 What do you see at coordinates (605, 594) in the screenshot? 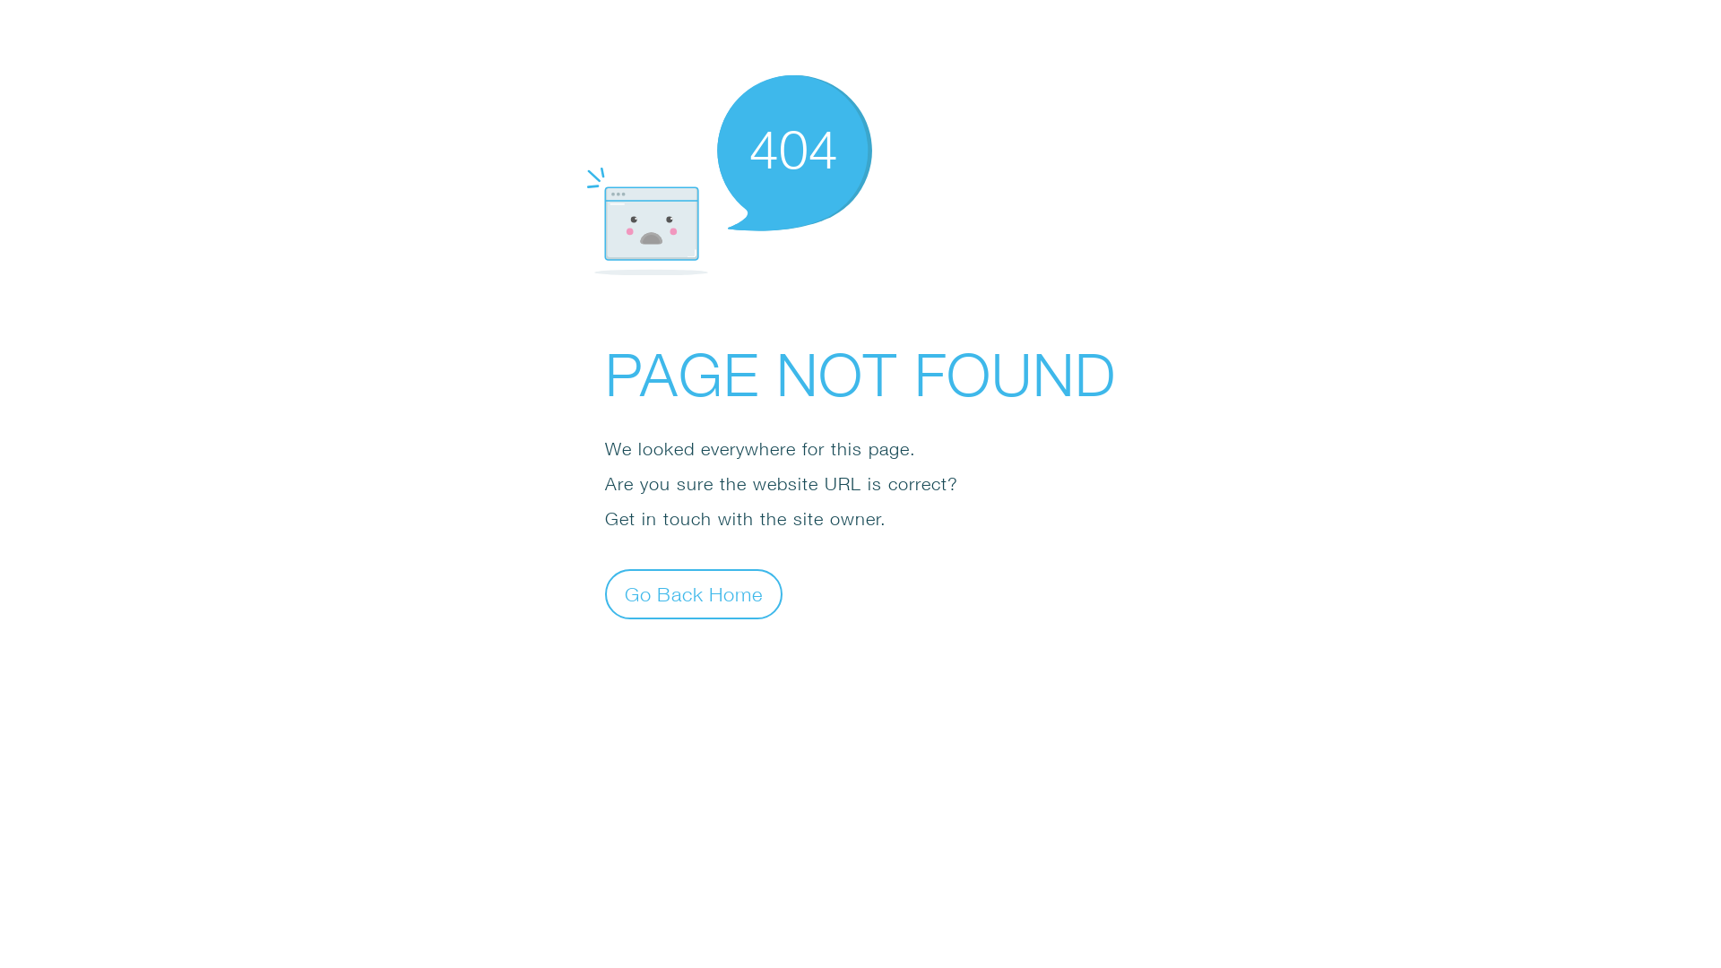
I see `'Go Back Home'` at bounding box center [605, 594].